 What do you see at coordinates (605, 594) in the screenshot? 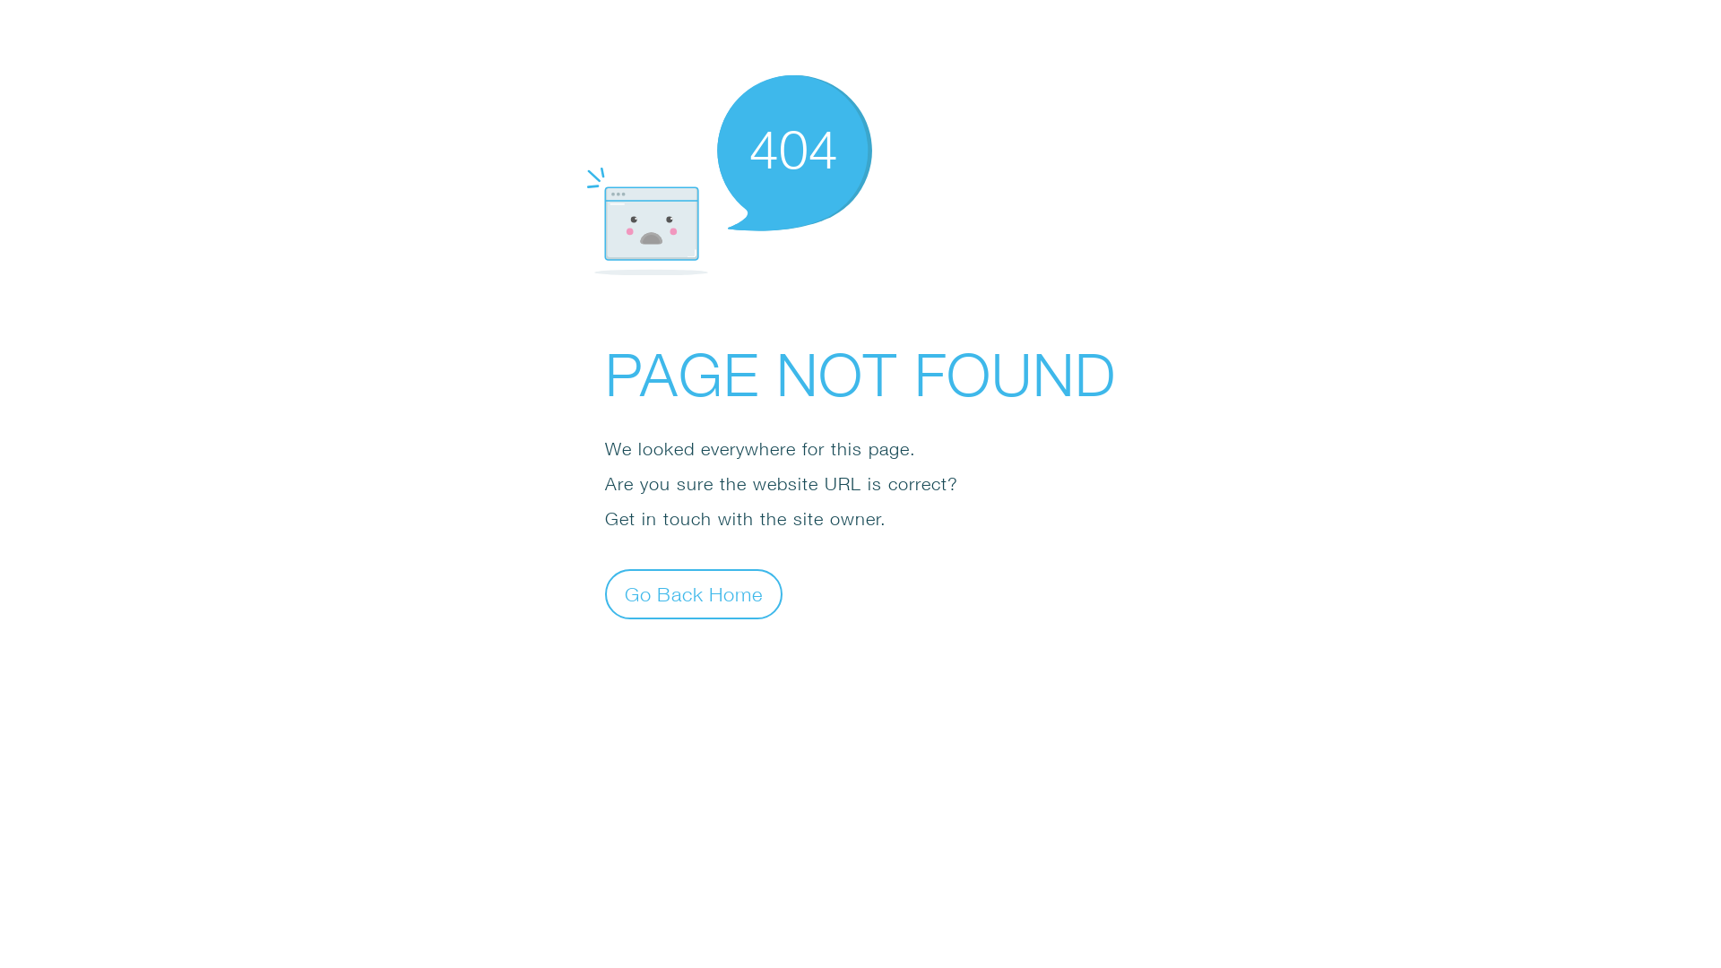
I see `'Go Back Home'` at bounding box center [605, 594].